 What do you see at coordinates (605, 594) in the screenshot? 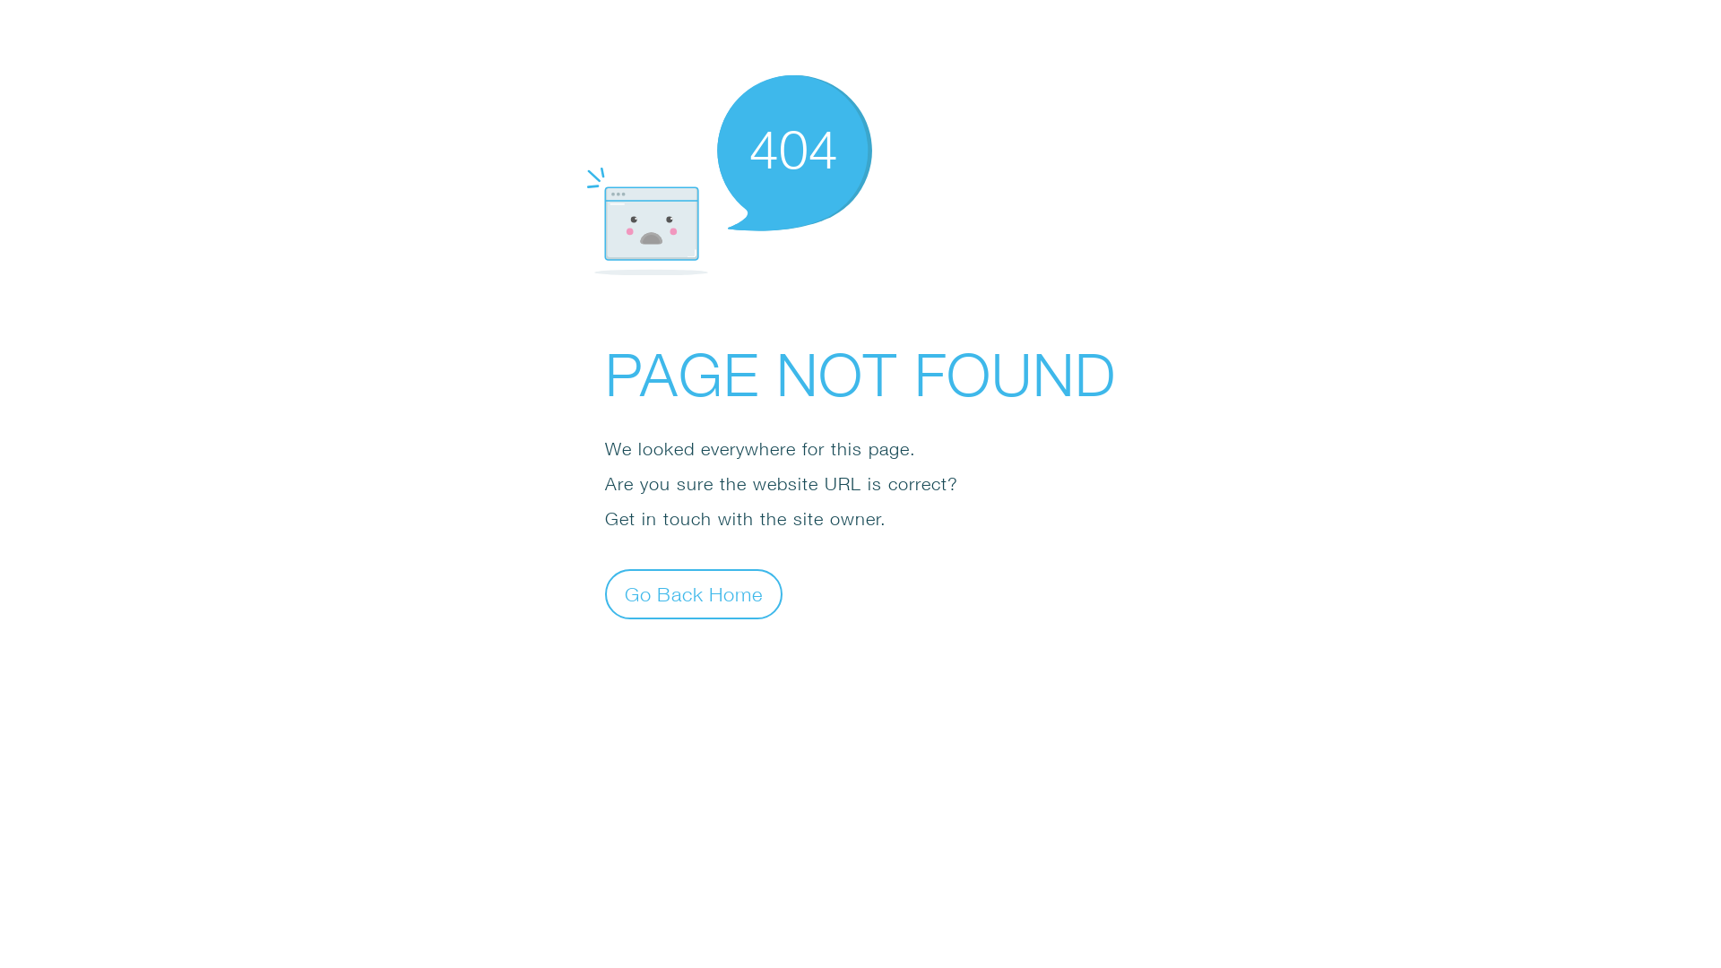
I see `'Go Back Home'` at bounding box center [605, 594].